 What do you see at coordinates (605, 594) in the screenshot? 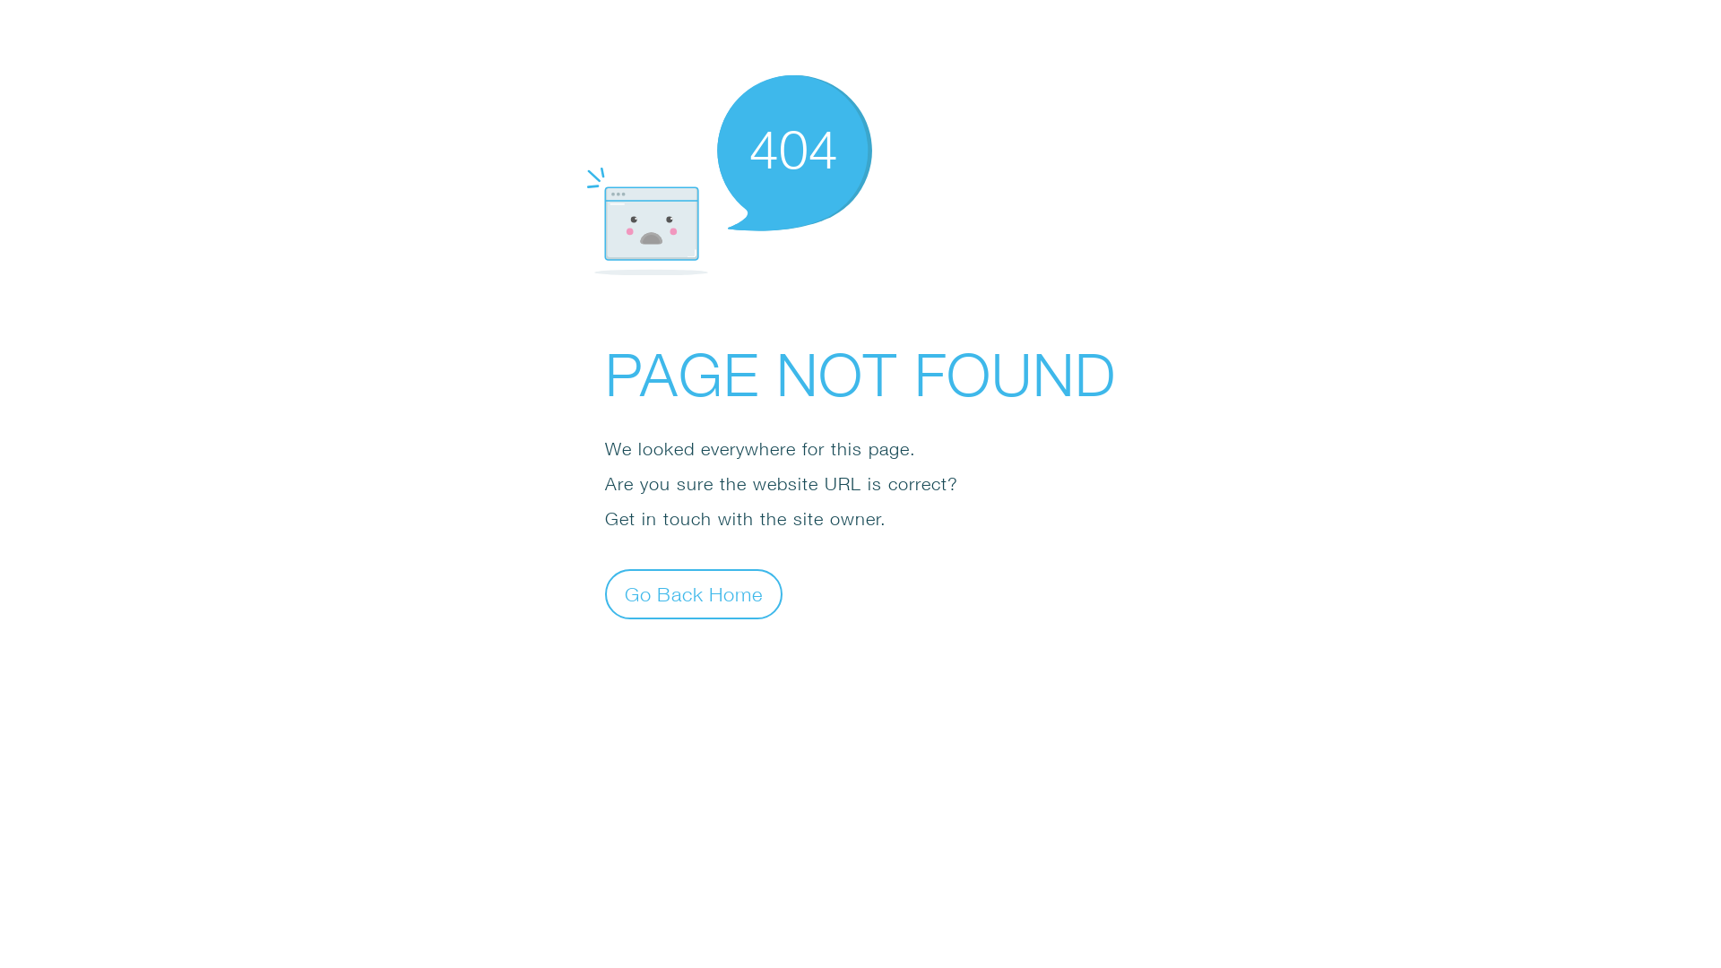
I see `'Go Back Home'` at bounding box center [605, 594].